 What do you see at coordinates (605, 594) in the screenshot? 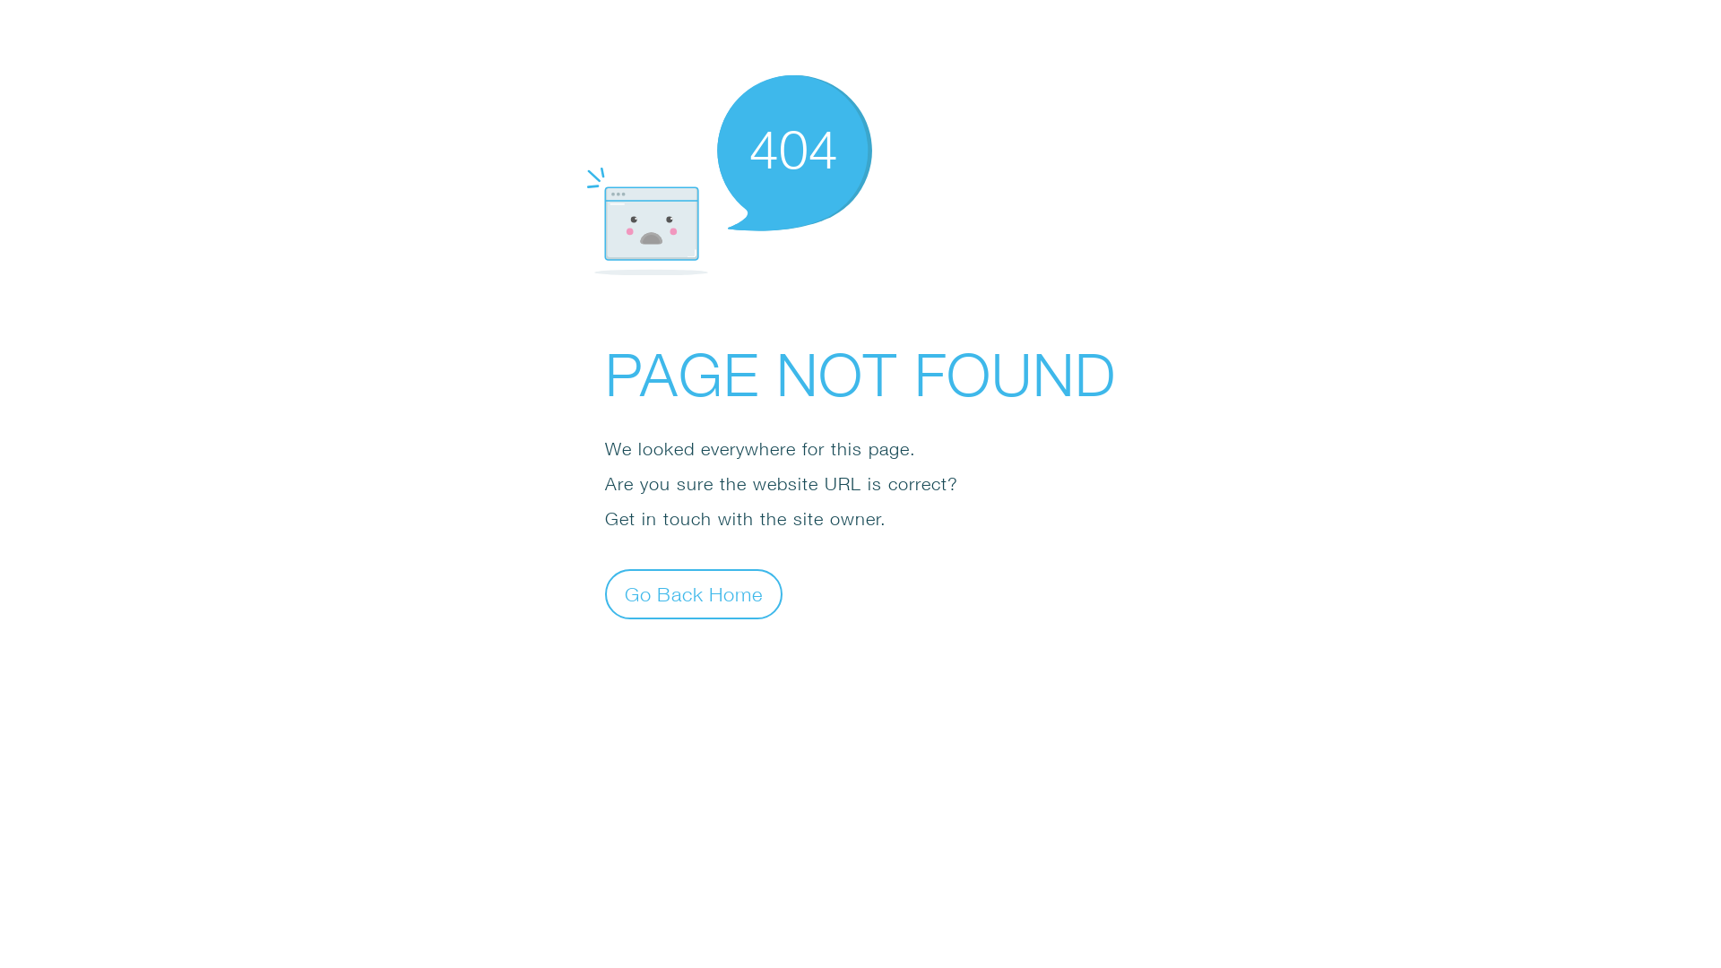
I see `'Go Back Home'` at bounding box center [605, 594].